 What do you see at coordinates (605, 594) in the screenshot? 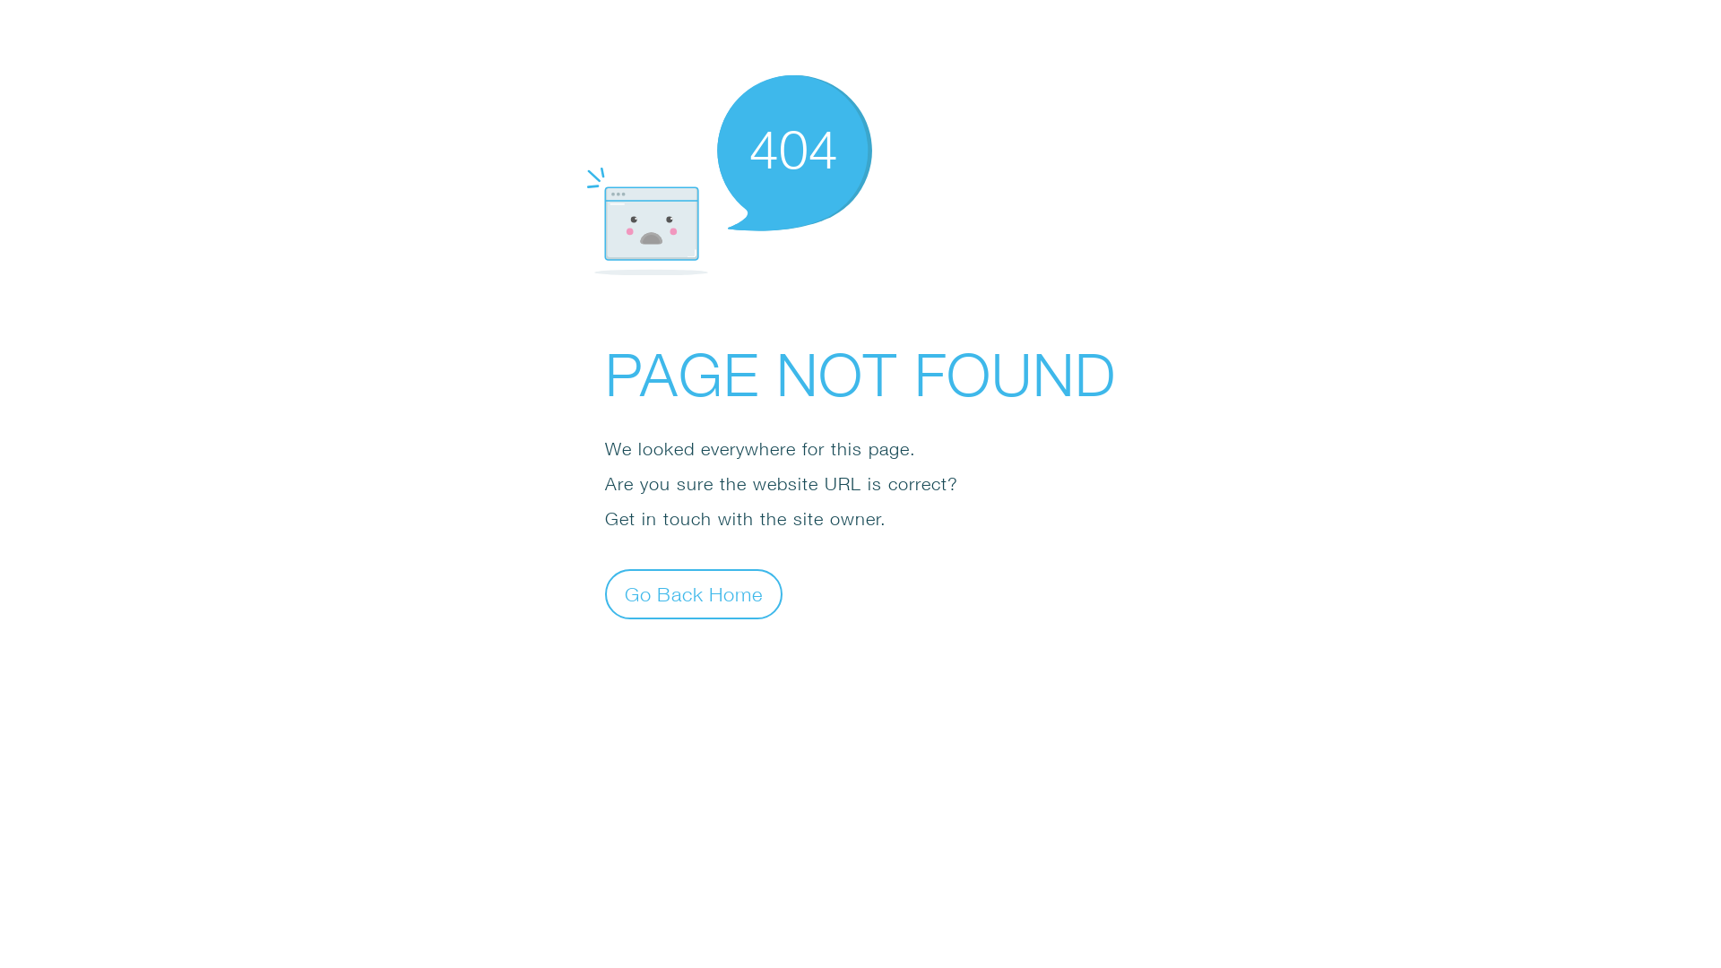
I see `'Go Back Home'` at bounding box center [605, 594].